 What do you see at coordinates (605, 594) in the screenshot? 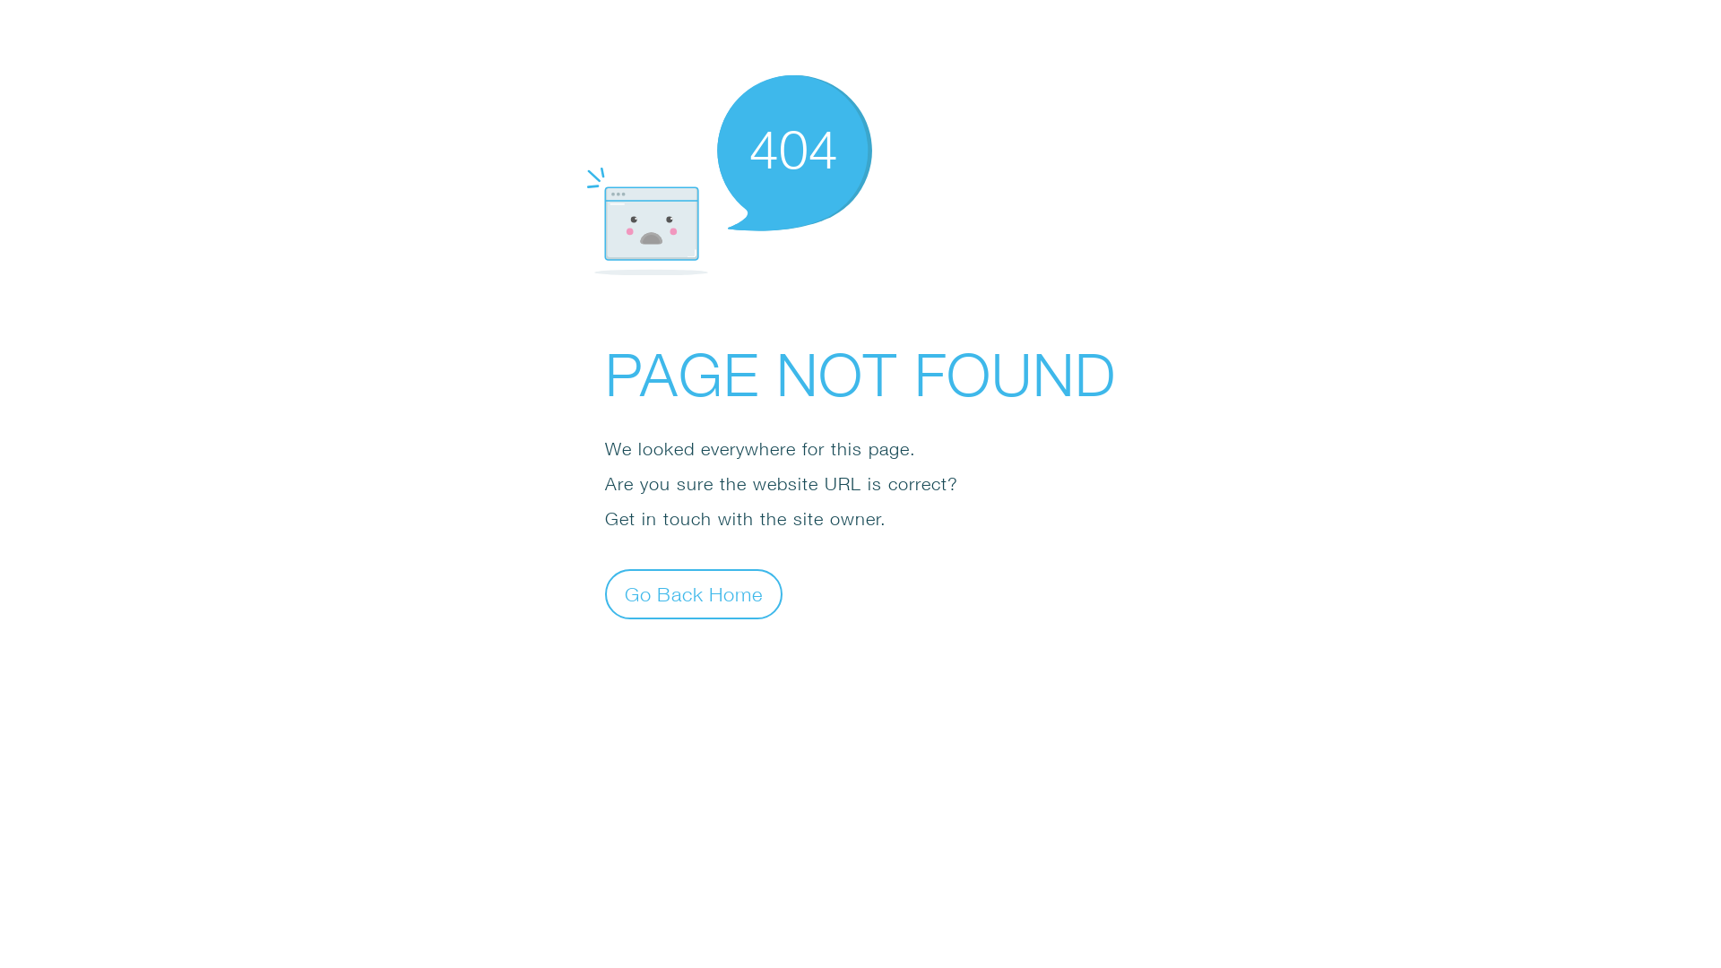
I see `'Go Back Home'` at bounding box center [605, 594].